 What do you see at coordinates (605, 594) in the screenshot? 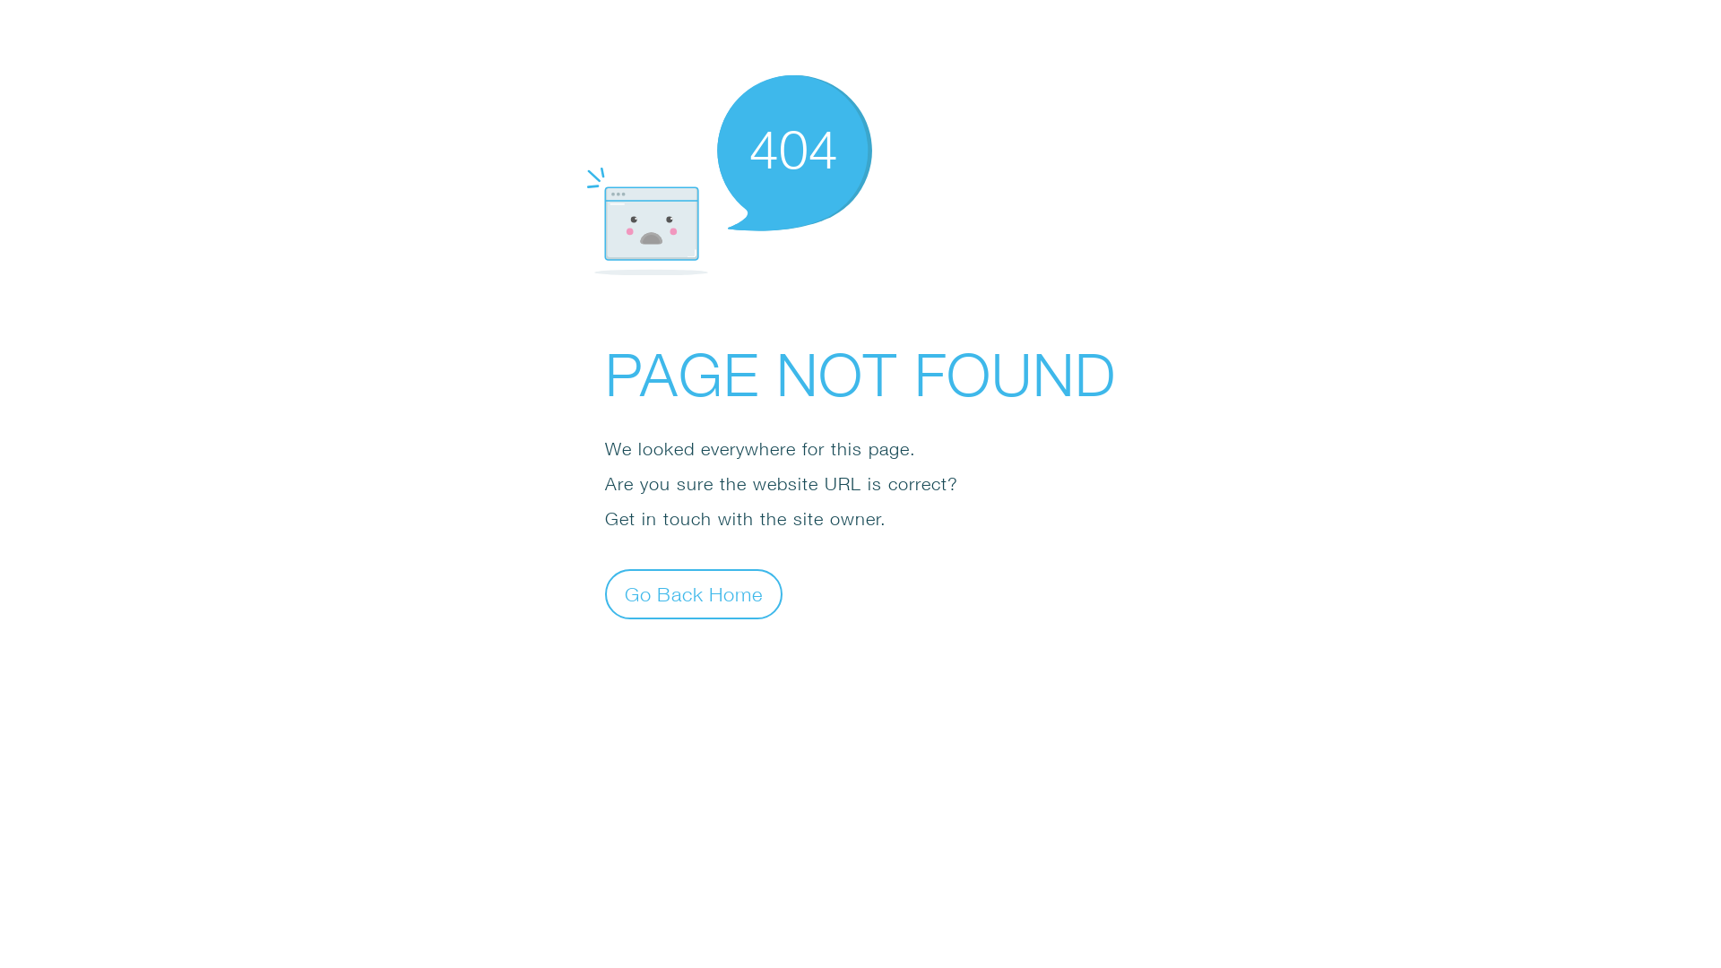
I see `'Go Back Home'` at bounding box center [605, 594].